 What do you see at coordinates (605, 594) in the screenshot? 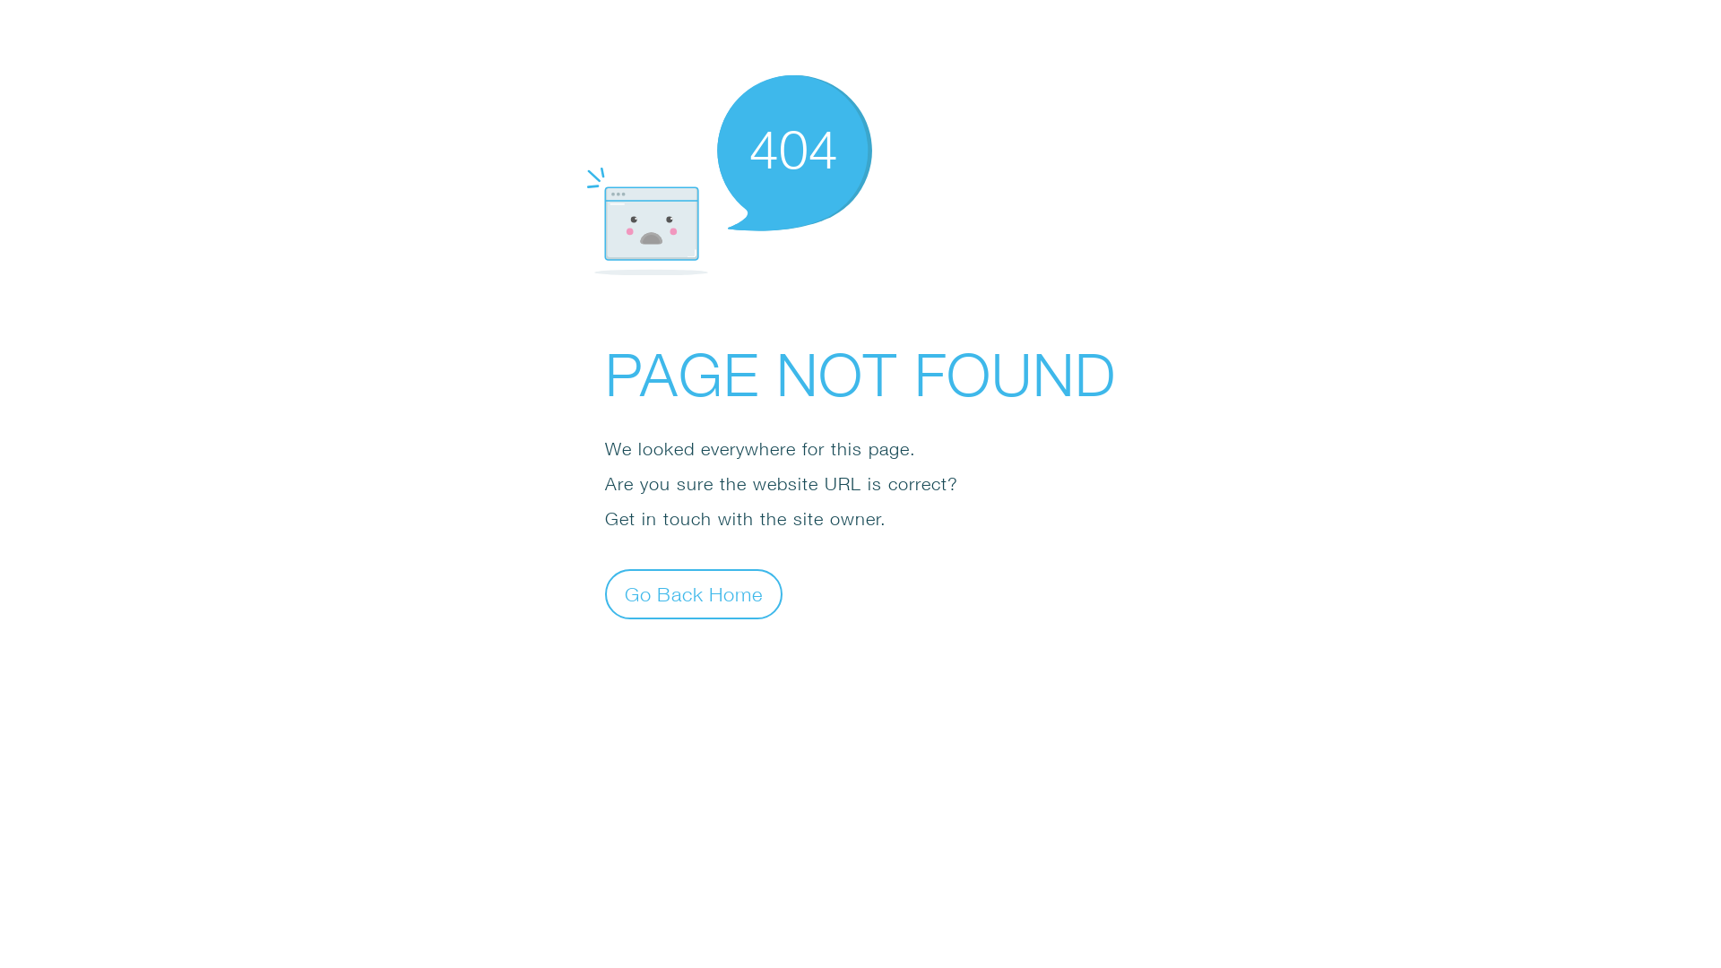
I see `'Go Back Home'` at bounding box center [605, 594].